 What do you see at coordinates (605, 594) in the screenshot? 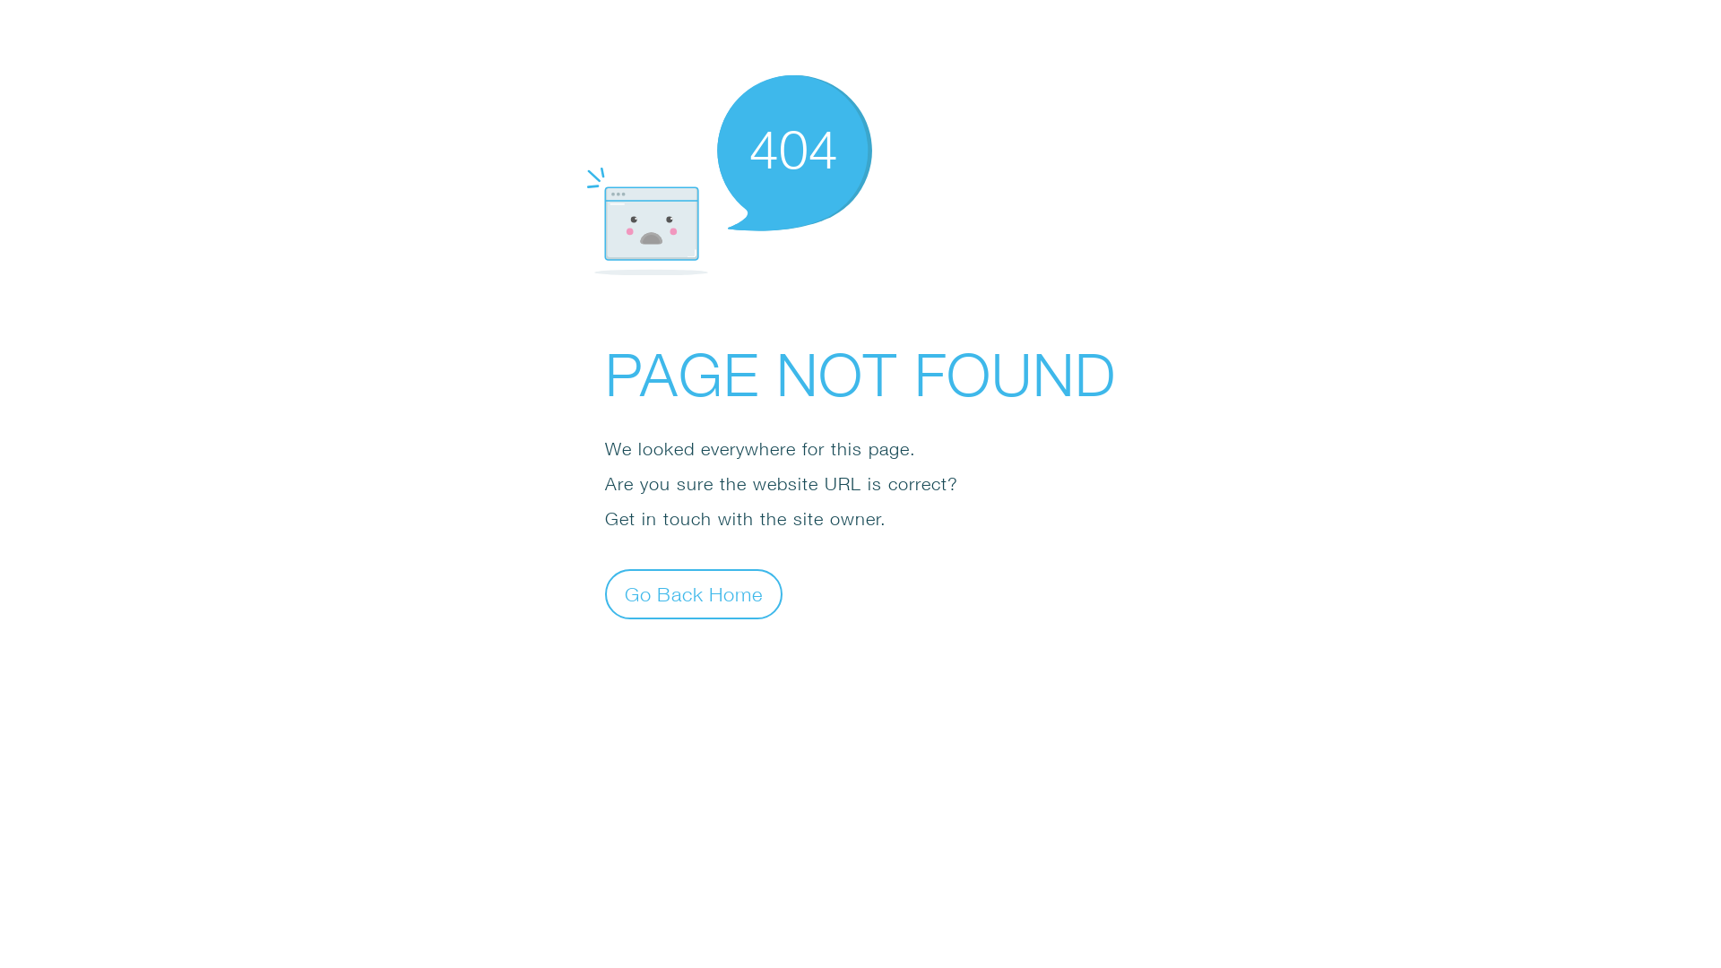
I see `'Go Back Home'` at bounding box center [605, 594].